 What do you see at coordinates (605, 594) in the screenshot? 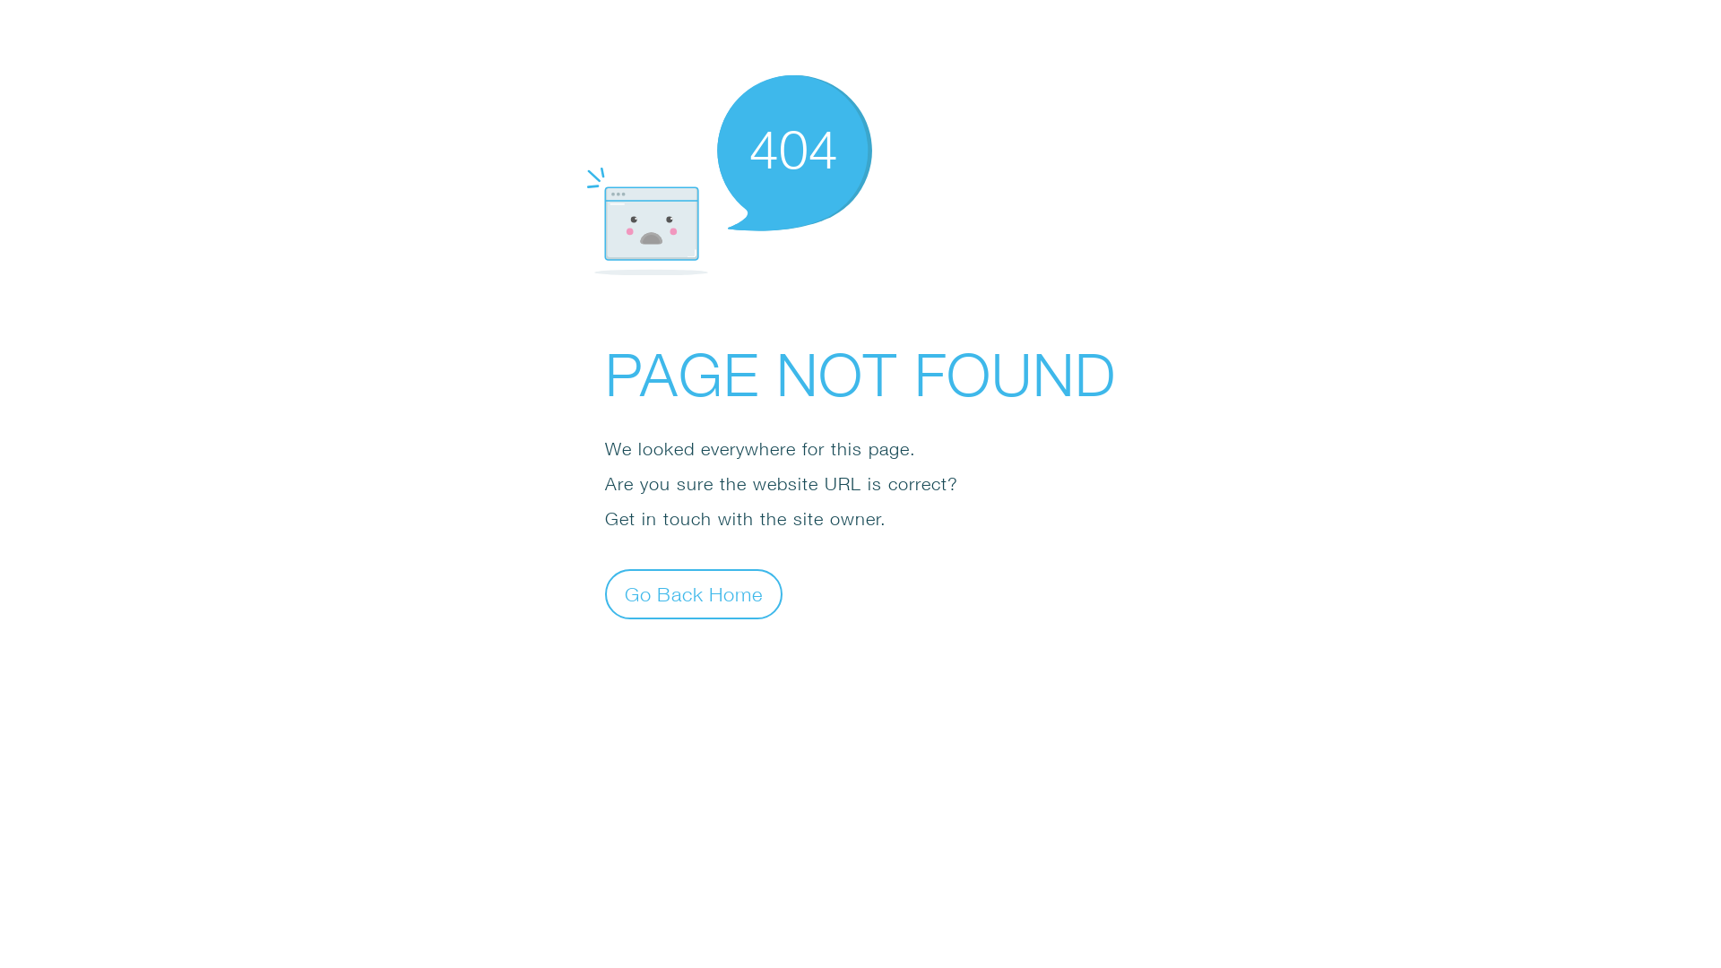
I see `'Go Back Home'` at bounding box center [605, 594].